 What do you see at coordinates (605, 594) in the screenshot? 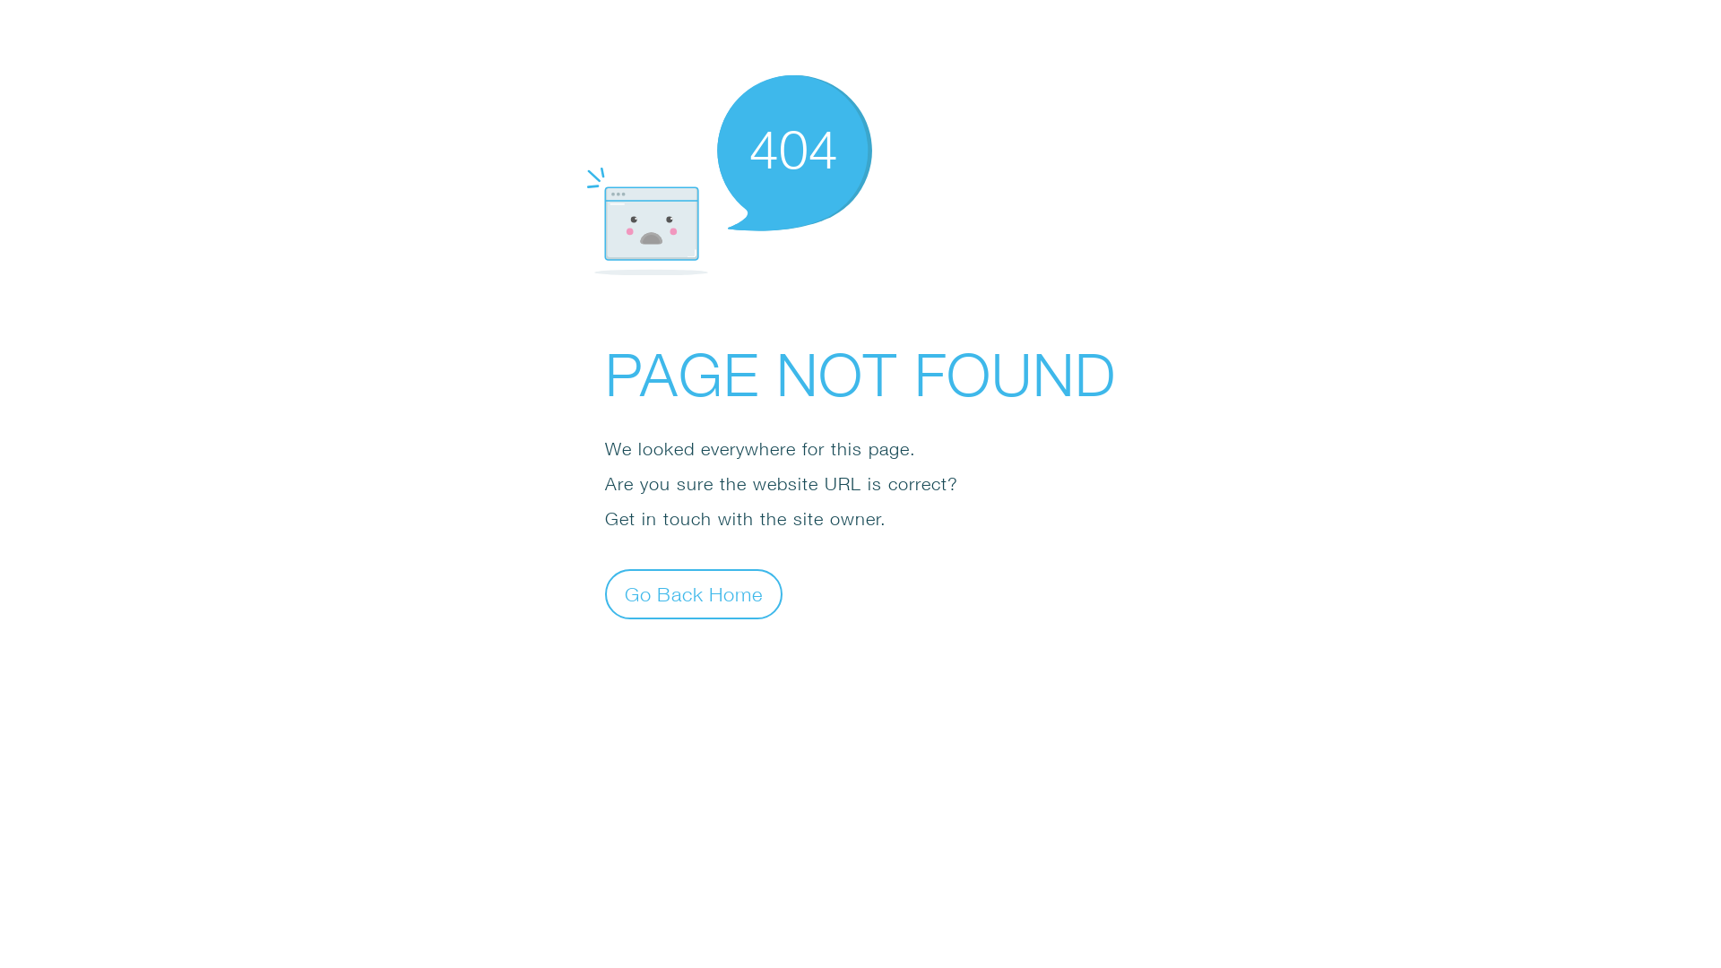
I see `'Go Back Home'` at bounding box center [605, 594].